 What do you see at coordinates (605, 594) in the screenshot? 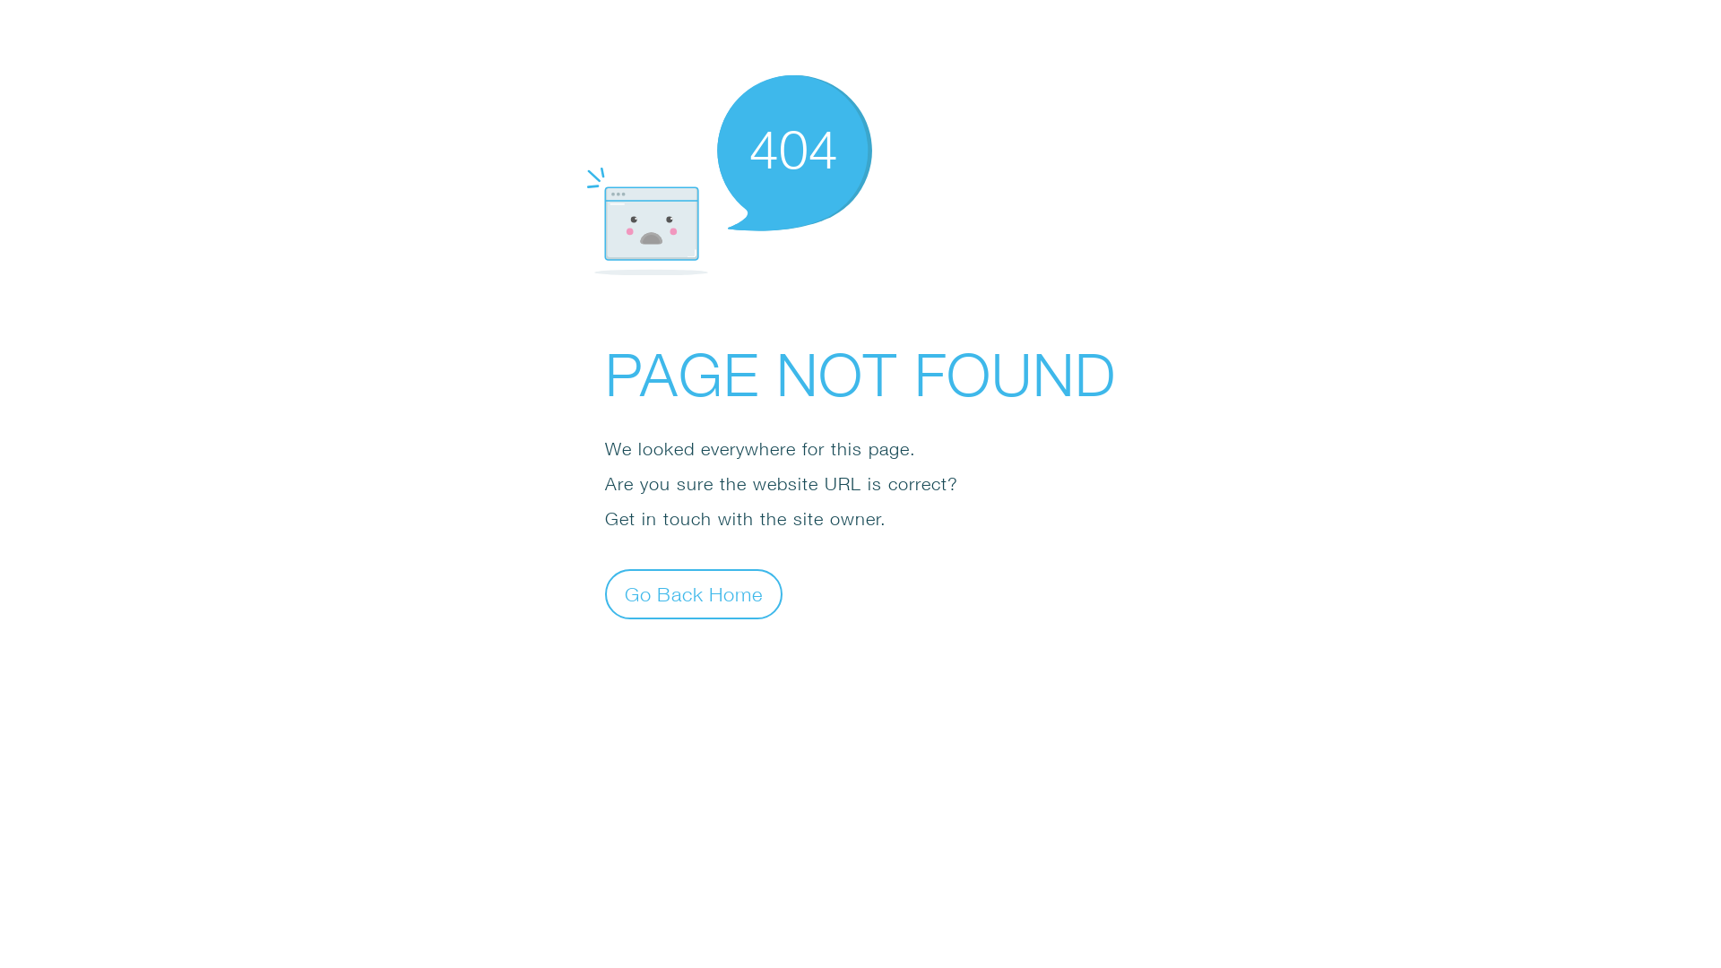
I see `'Go Back Home'` at bounding box center [605, 594].